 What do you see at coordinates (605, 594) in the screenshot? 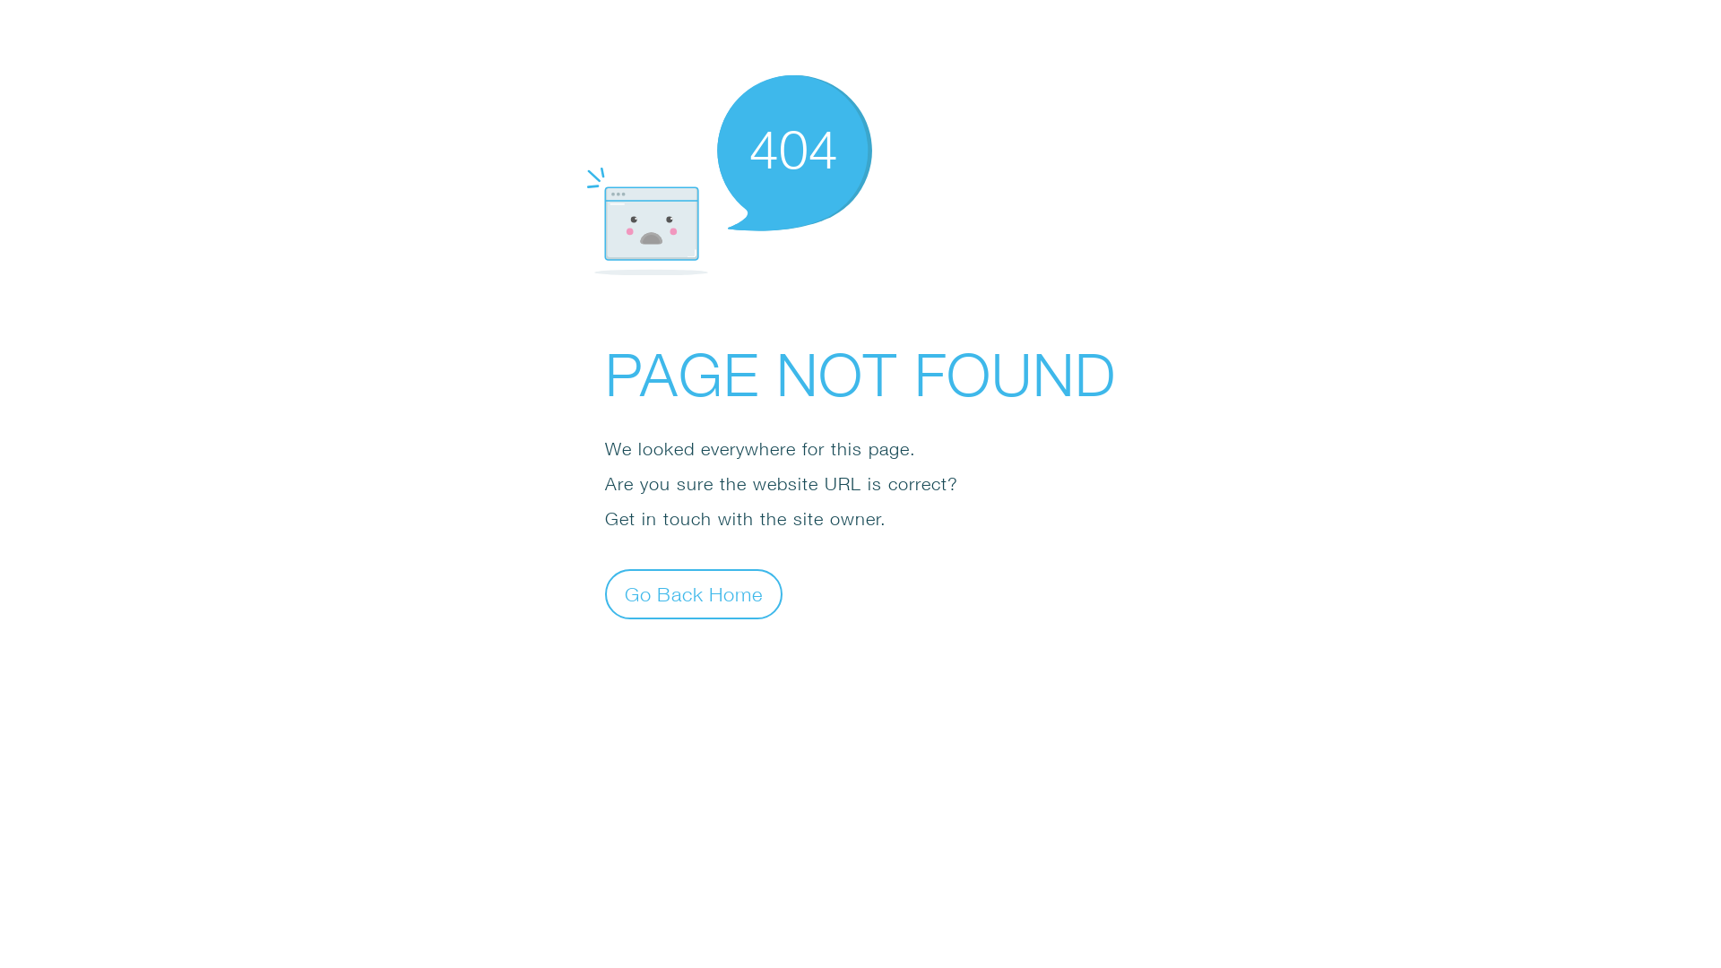
I see `'Go Back Home'` at bounding box center [605, 594].